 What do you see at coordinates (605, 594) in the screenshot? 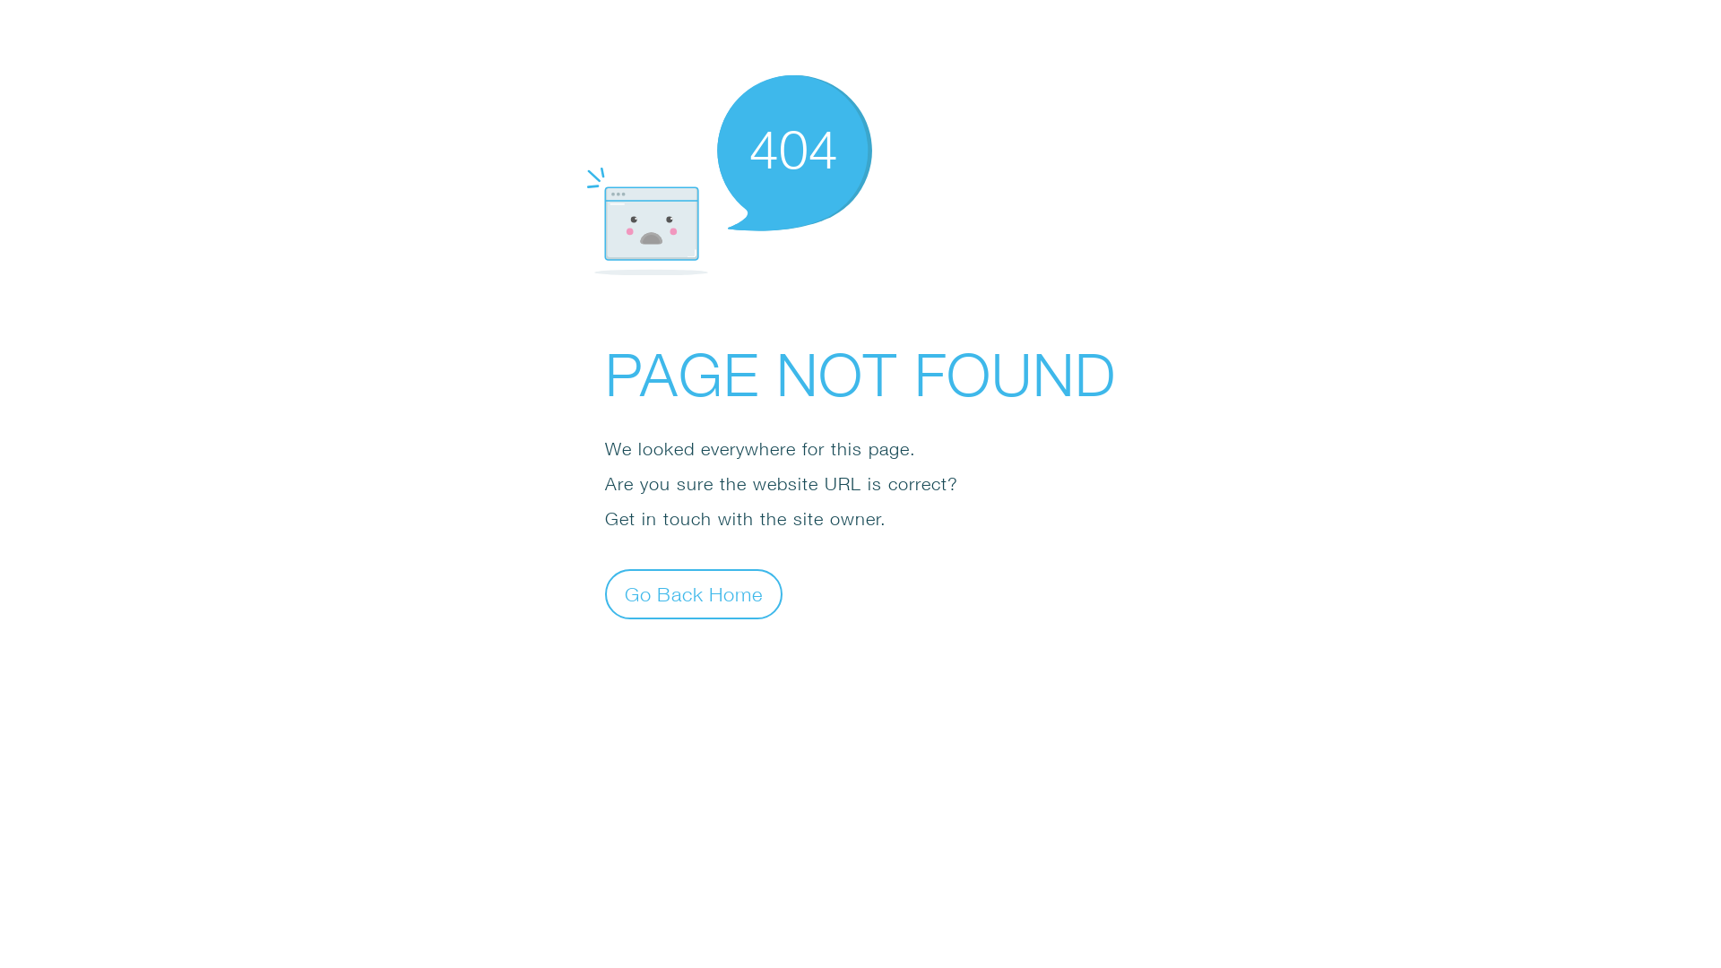
I see `'Go Back Home'` at bounding box center [605, 594].